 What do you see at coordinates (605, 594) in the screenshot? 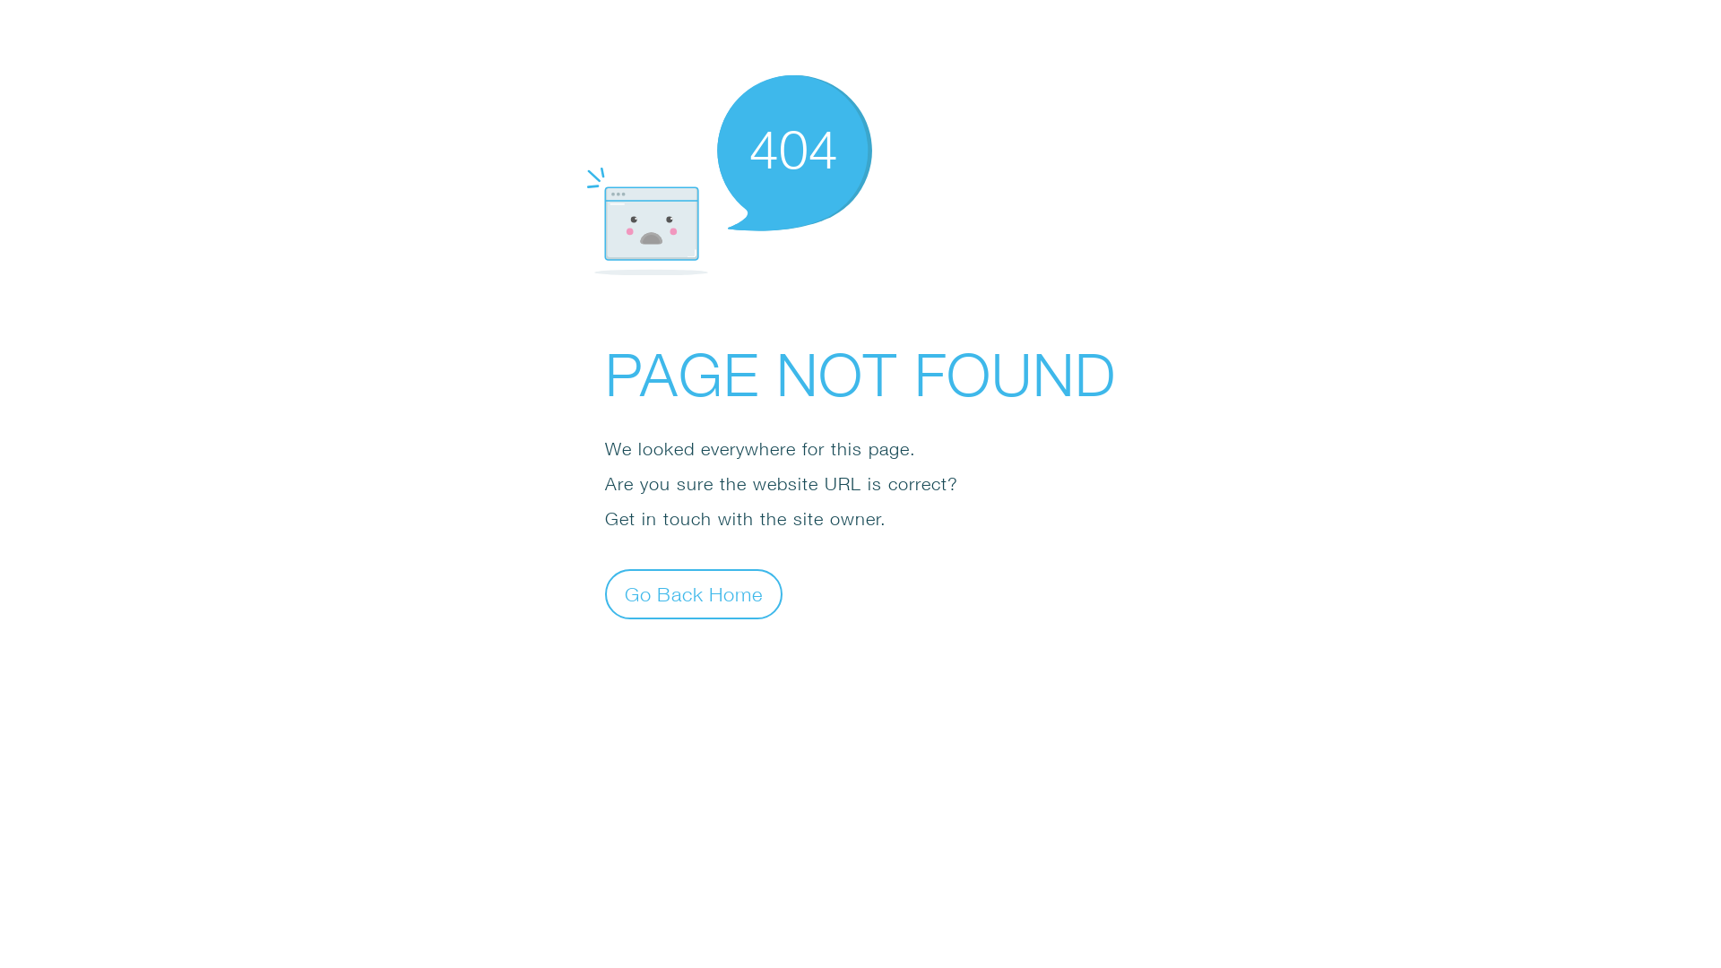
I see `'Go Back Home'` at bounding box center [605, 594].